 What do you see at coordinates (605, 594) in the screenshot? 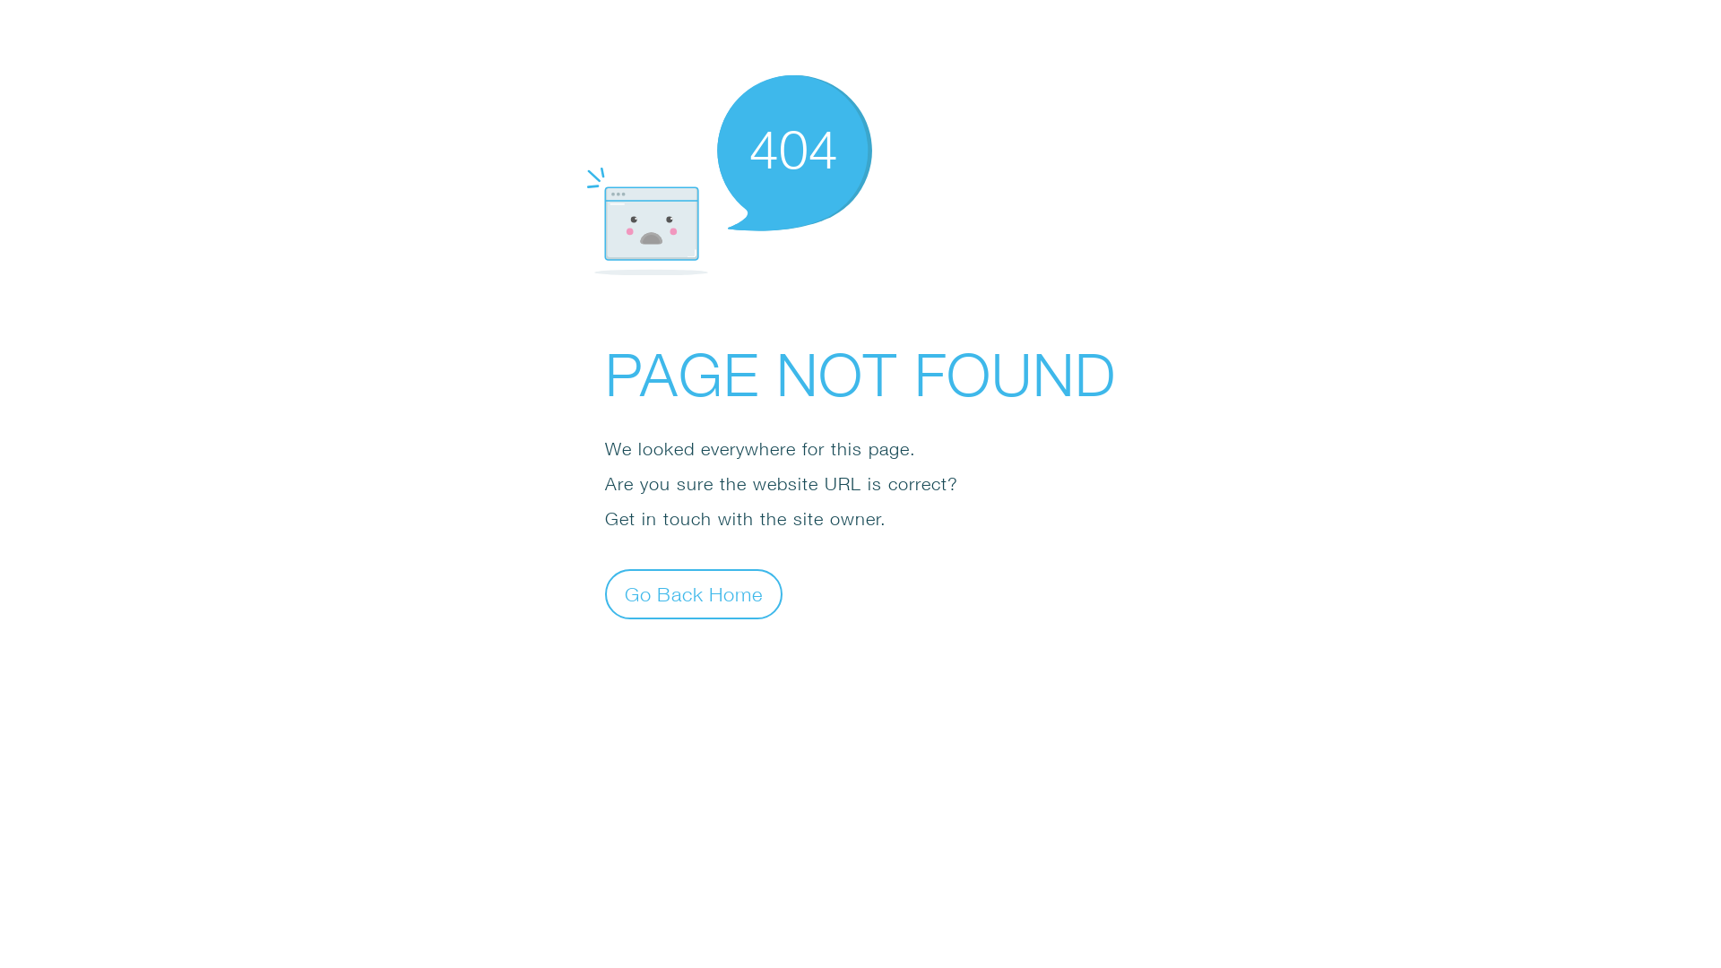
I see `'Go Back Home'` at bounding box center [605, 594].